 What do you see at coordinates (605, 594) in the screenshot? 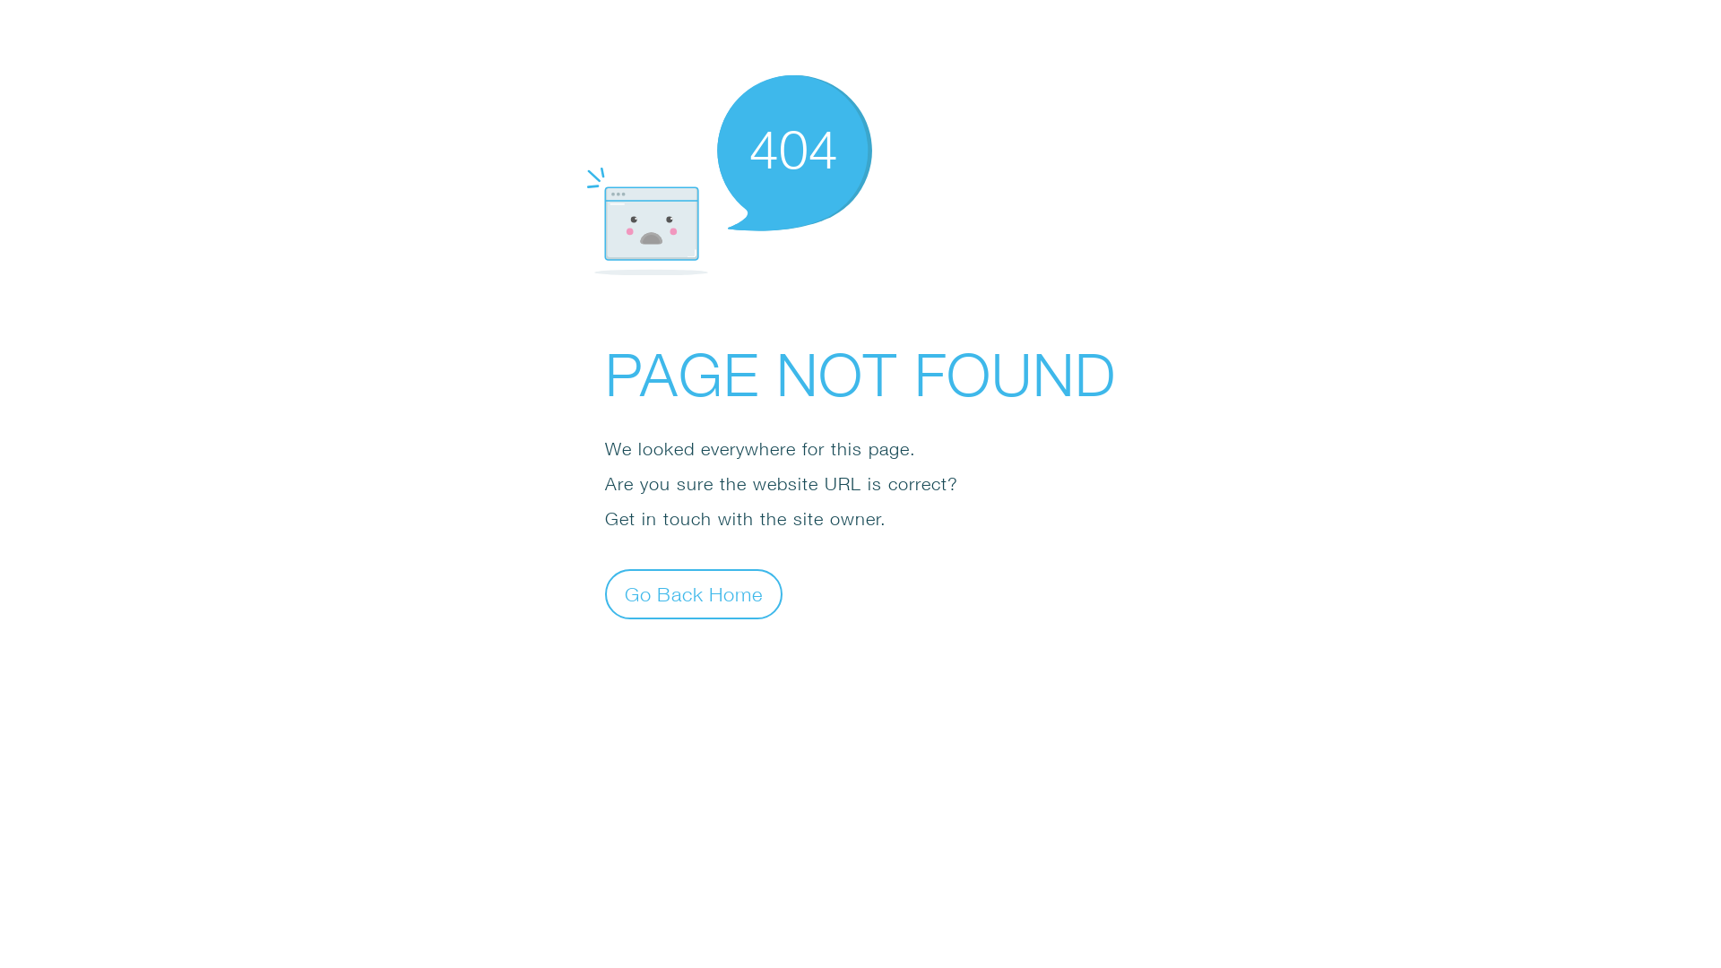
I see `'Go Back Home'` at bounding box center [605, 594].